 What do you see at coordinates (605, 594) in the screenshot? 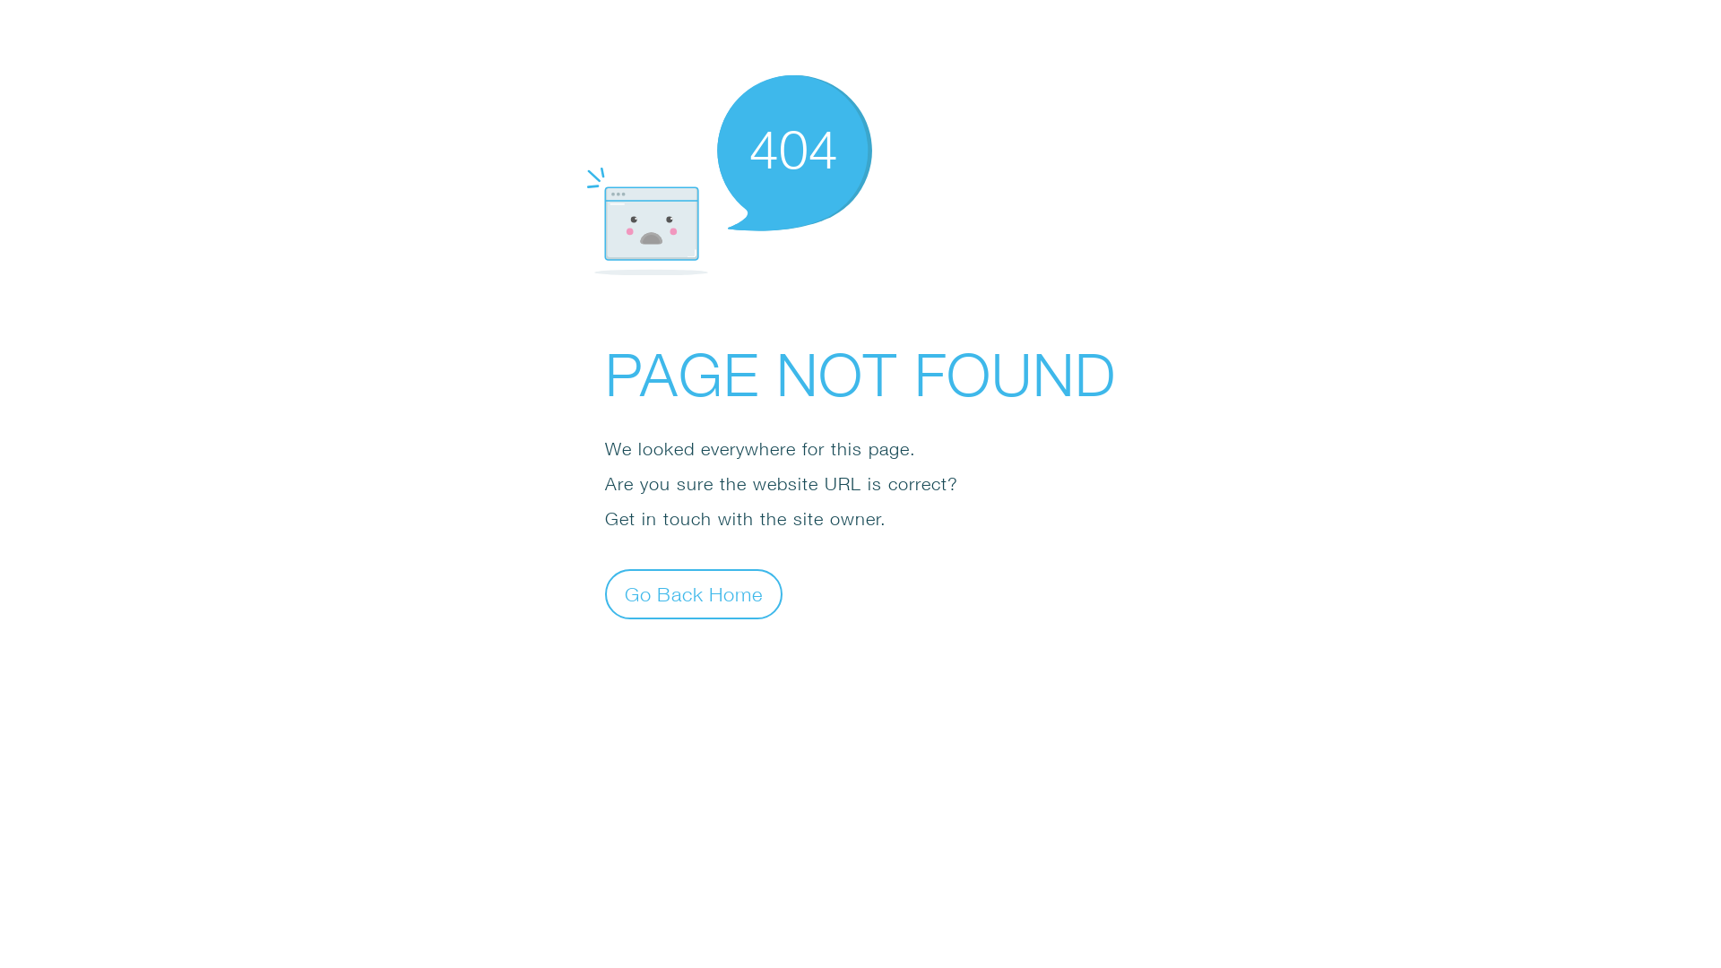
I see `'Go Back Home'` at bounding box center [605, 594].